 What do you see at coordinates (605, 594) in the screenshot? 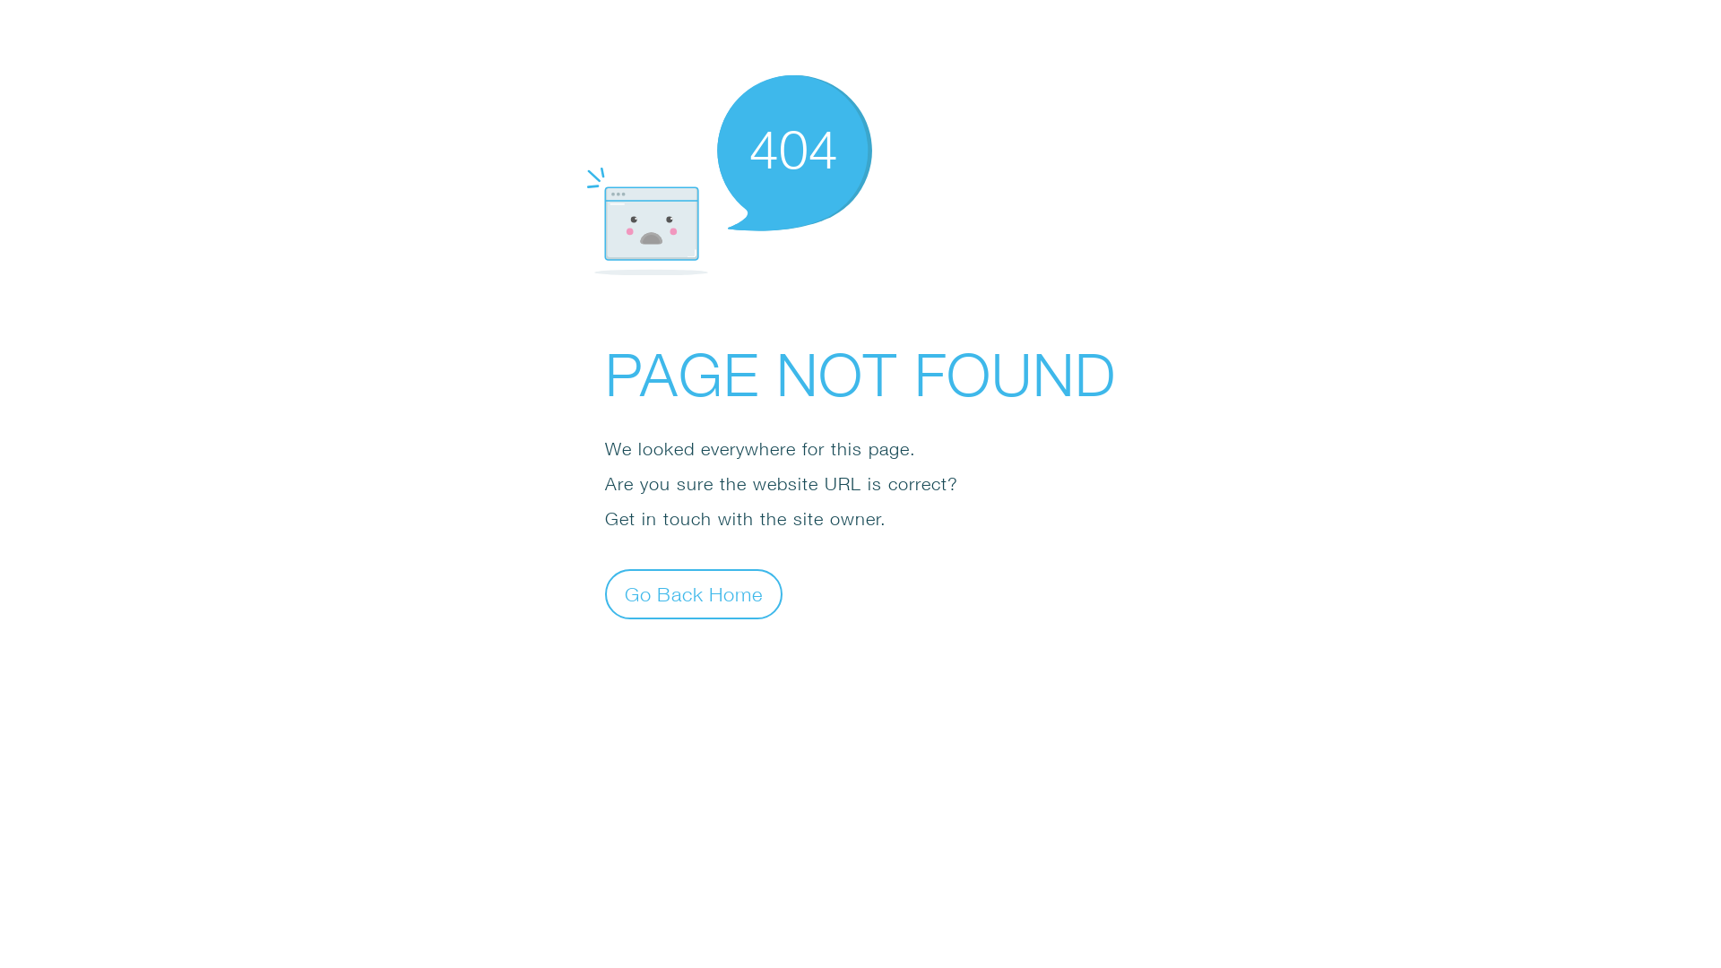
I see `'Go Back Home'` at bounding box center [605, 594].